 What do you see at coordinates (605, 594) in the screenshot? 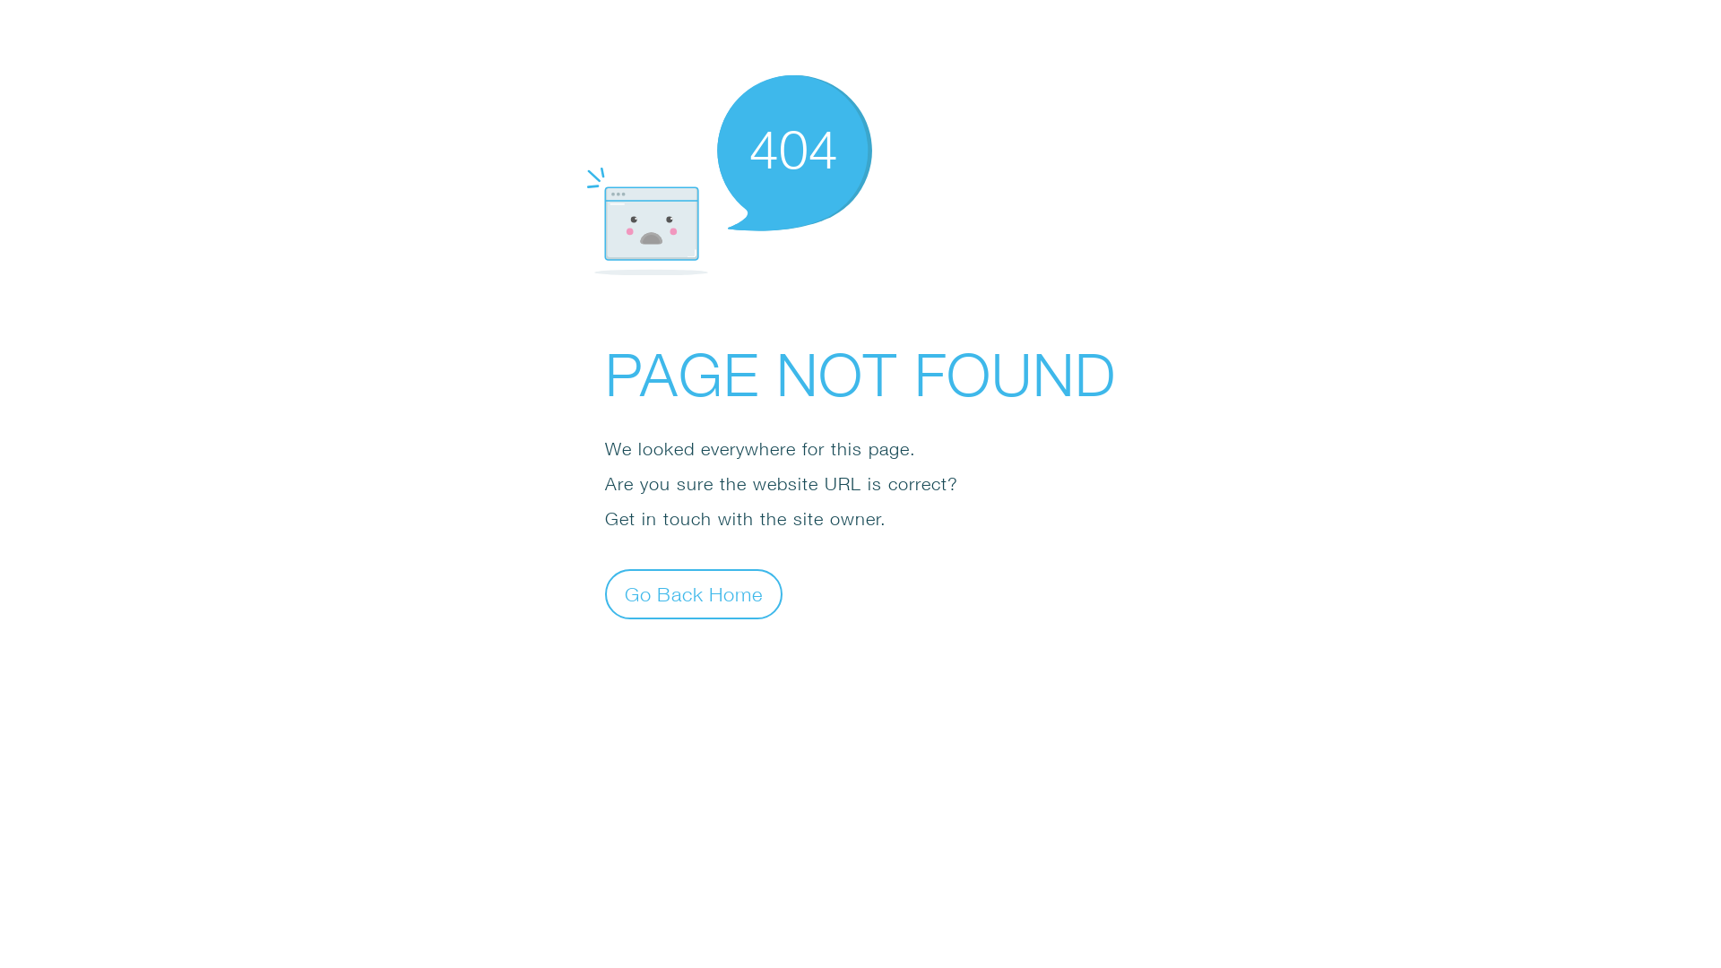
I see `'Go Back Home'` at bounding box center [605, 594].